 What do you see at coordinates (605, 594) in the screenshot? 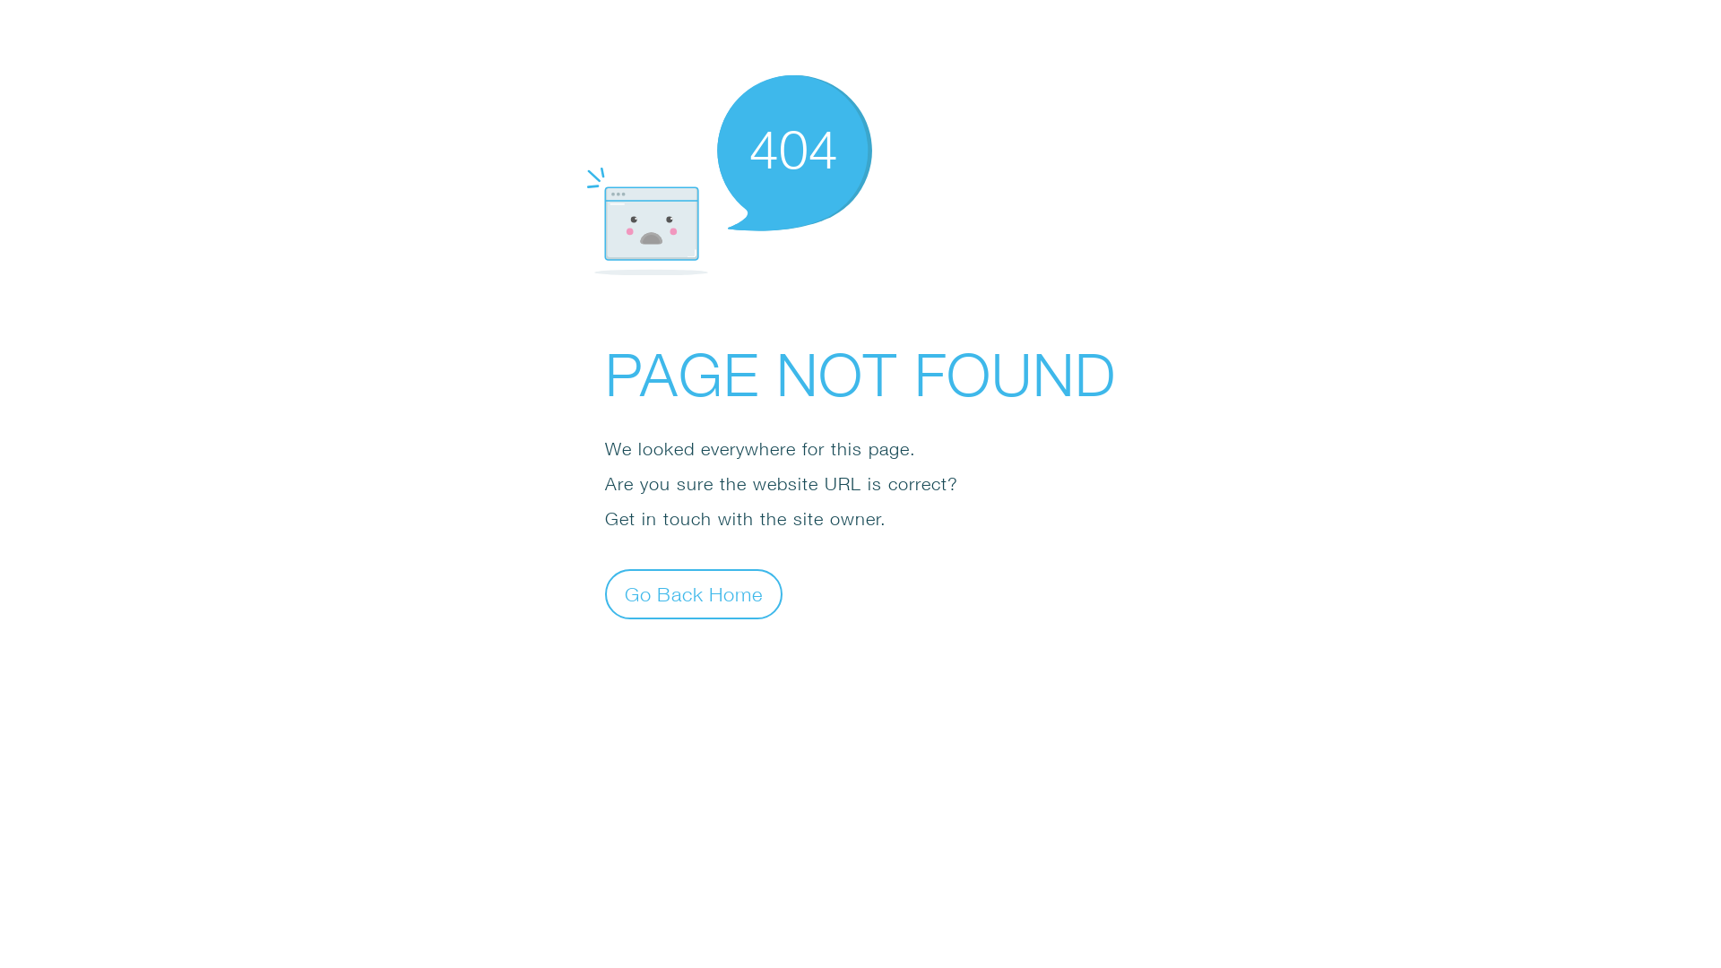
I see `'Go Back Home'` at bounding box center [605, 594].